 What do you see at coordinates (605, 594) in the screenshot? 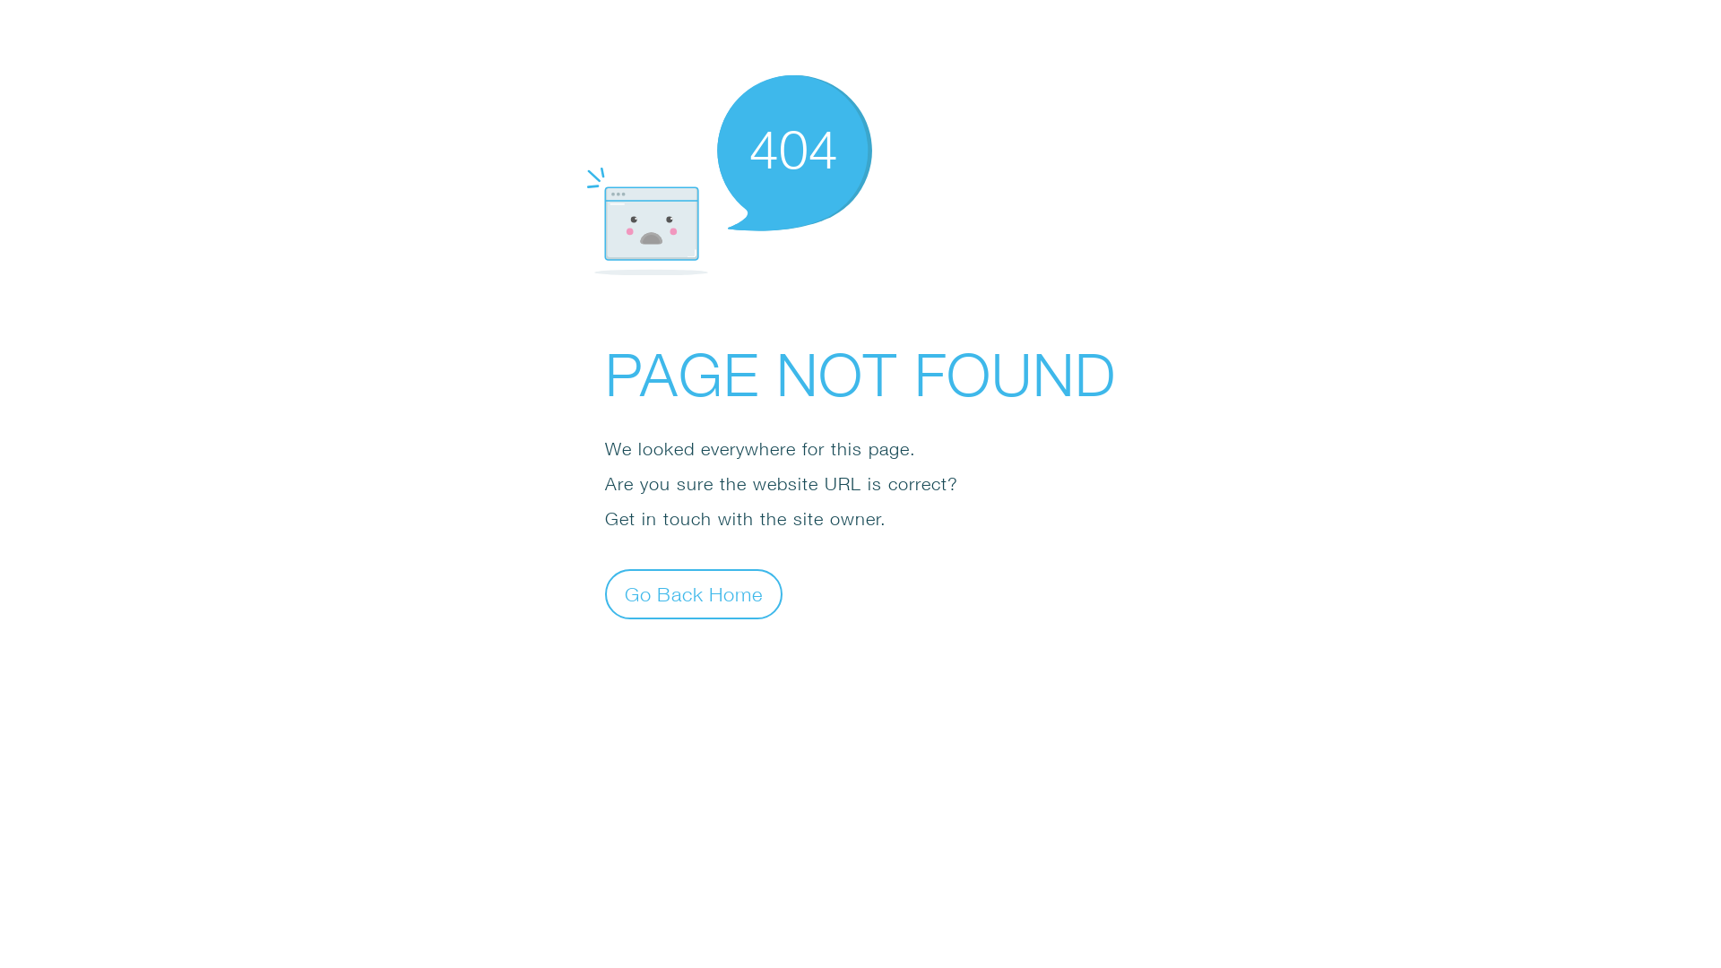
I see `'Go Back Home'` at bounding box center [605, 594].